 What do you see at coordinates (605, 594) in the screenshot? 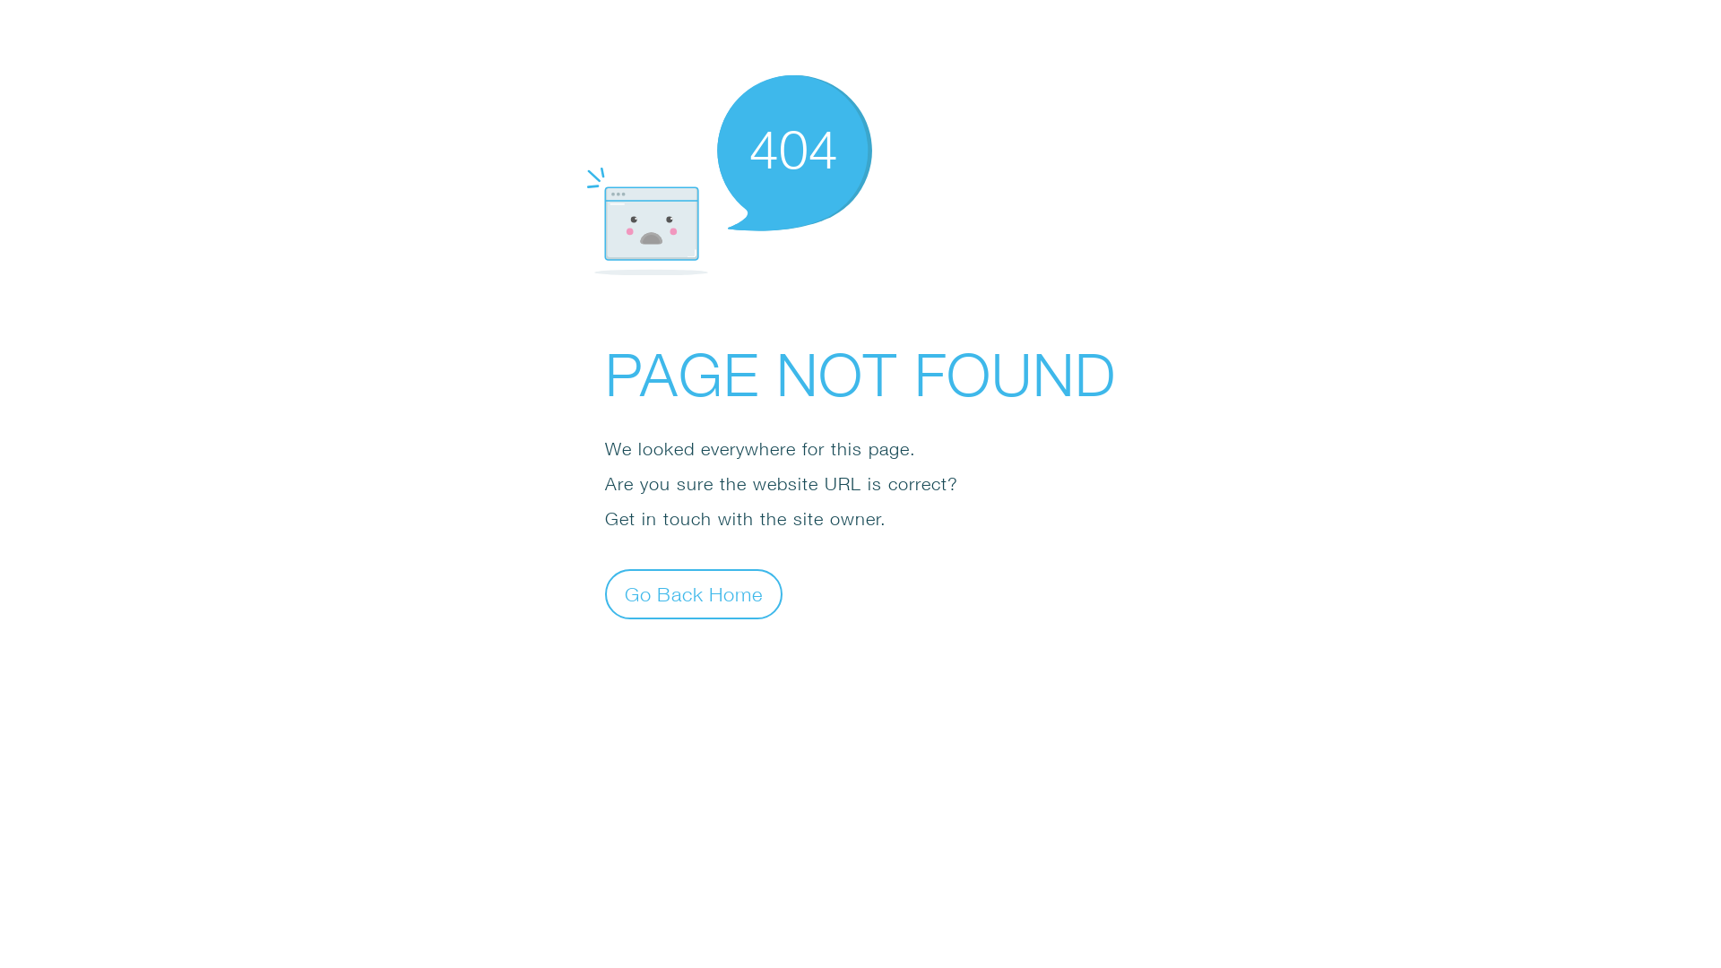
I see `'Go Back Home'` at bounding box center [605, 594].